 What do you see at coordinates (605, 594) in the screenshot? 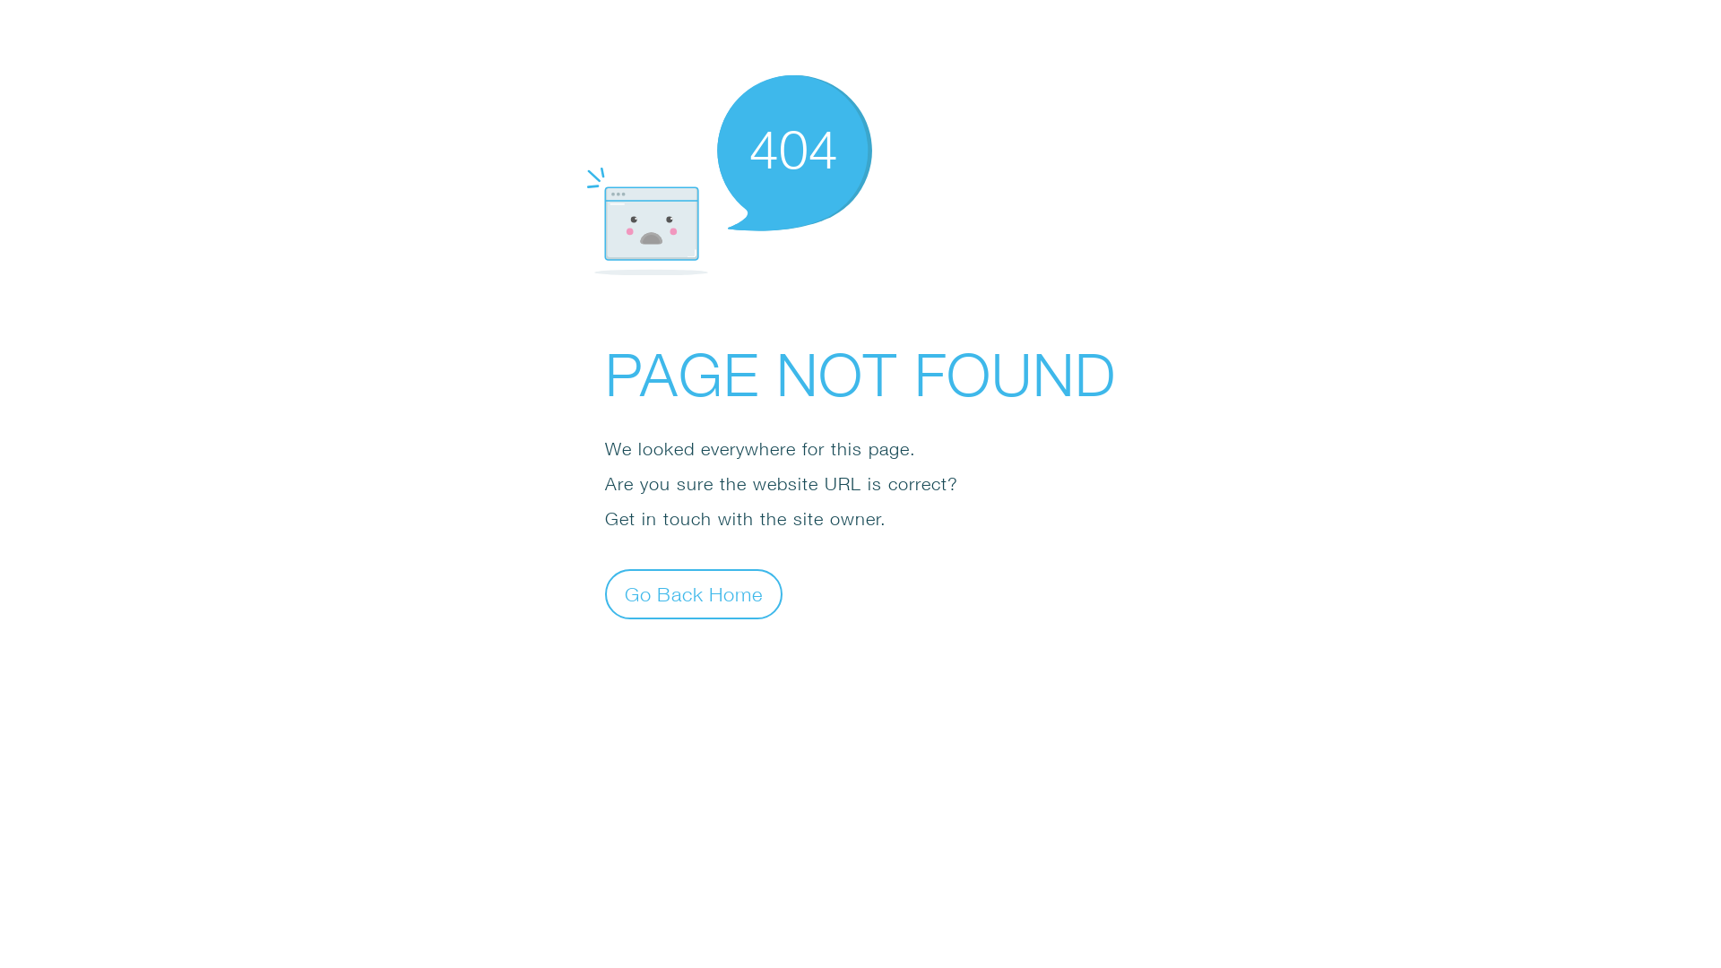
I see `'Go Back Home'` at bounding box center [605, 594].